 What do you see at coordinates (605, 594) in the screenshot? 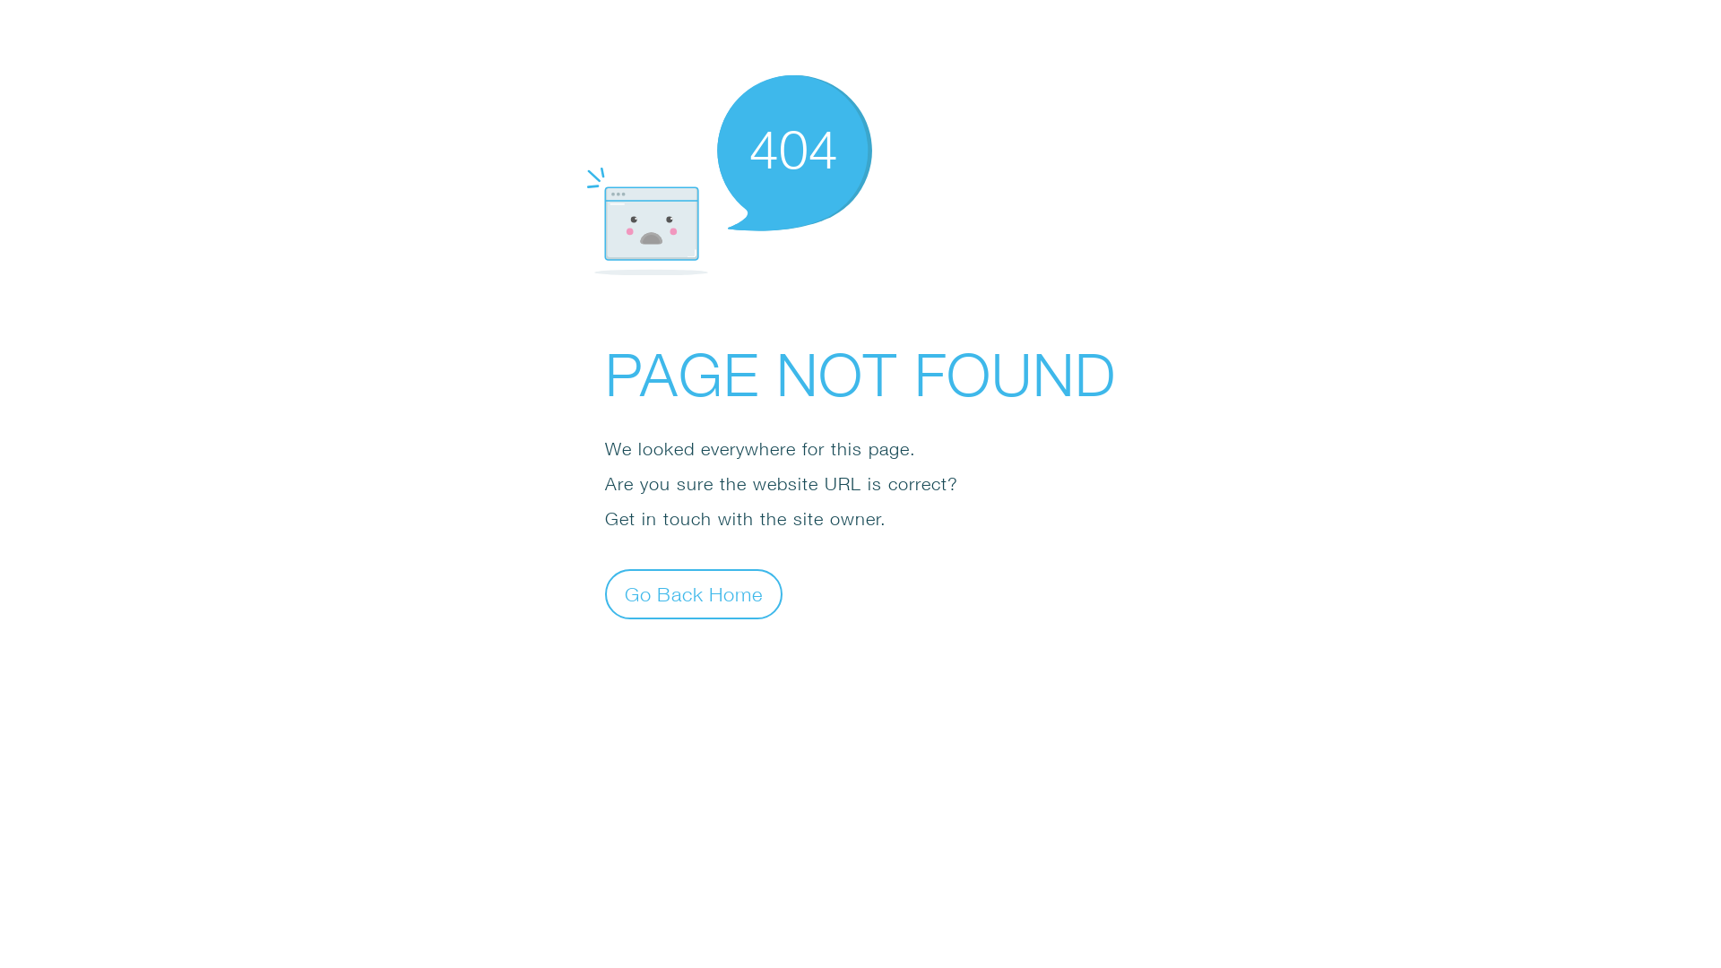
I see `'Go Back Home'` at bounding box center [605, 594].